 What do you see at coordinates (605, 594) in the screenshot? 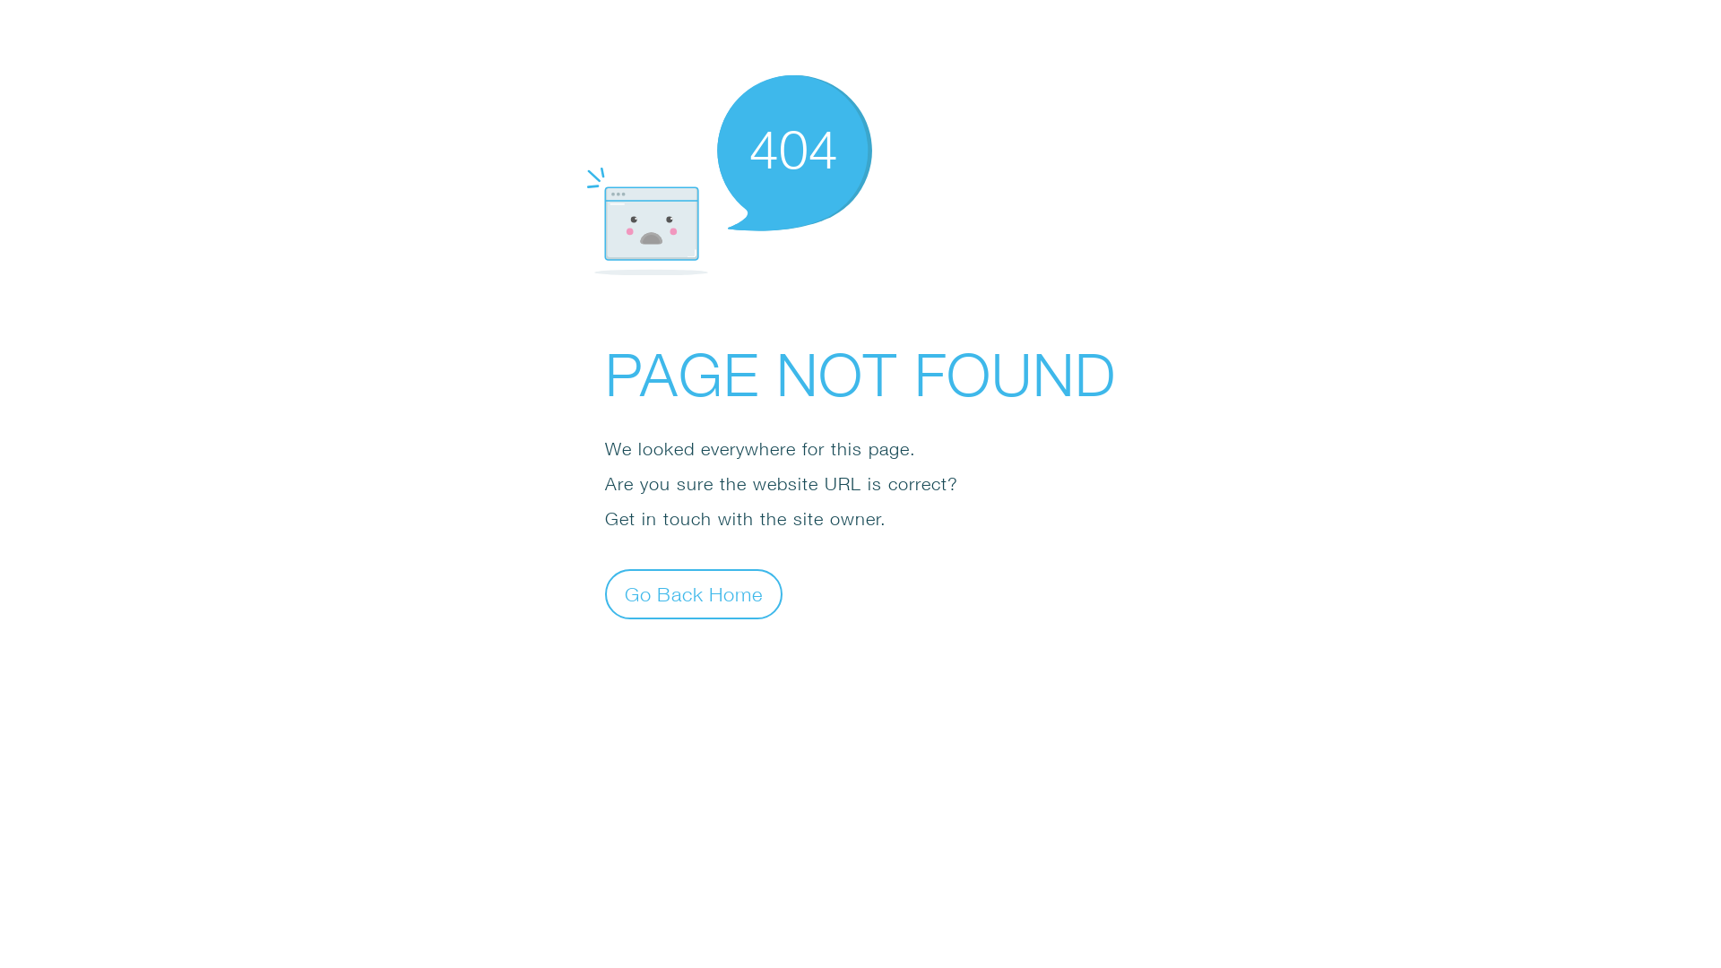
I see `'Go Back Home'` at bounding box center [605, 594].